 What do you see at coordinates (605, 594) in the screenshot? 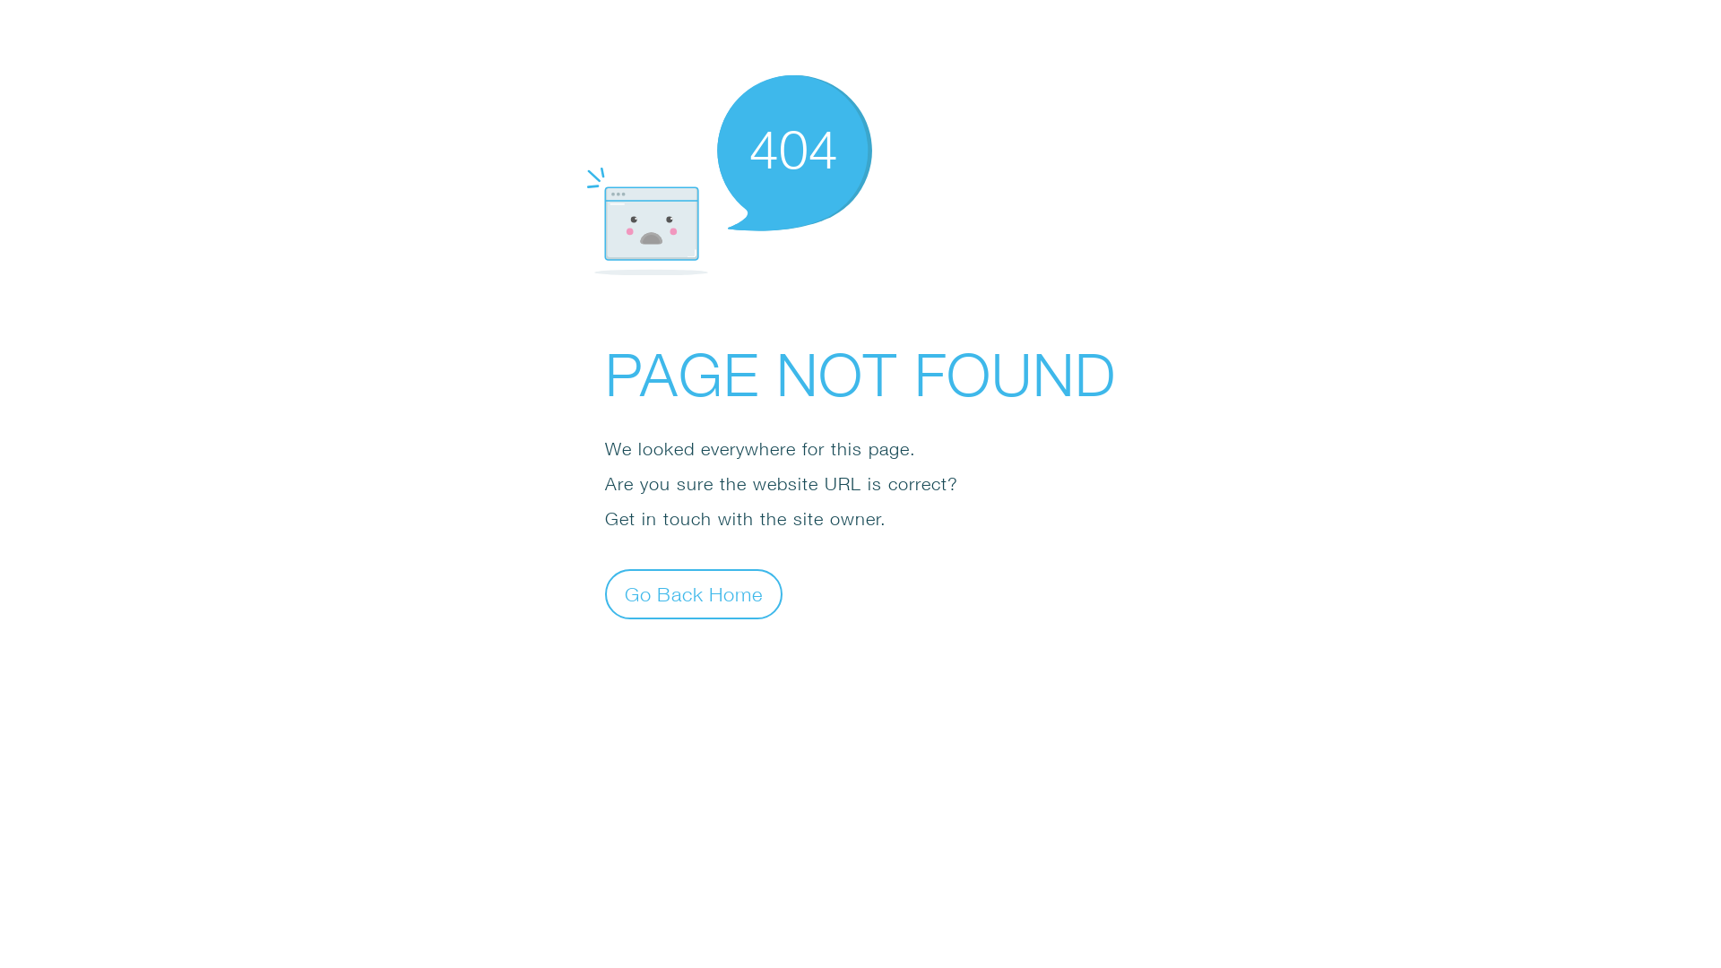
I see `'Go Back Home'` at bounding box center [605, 594].